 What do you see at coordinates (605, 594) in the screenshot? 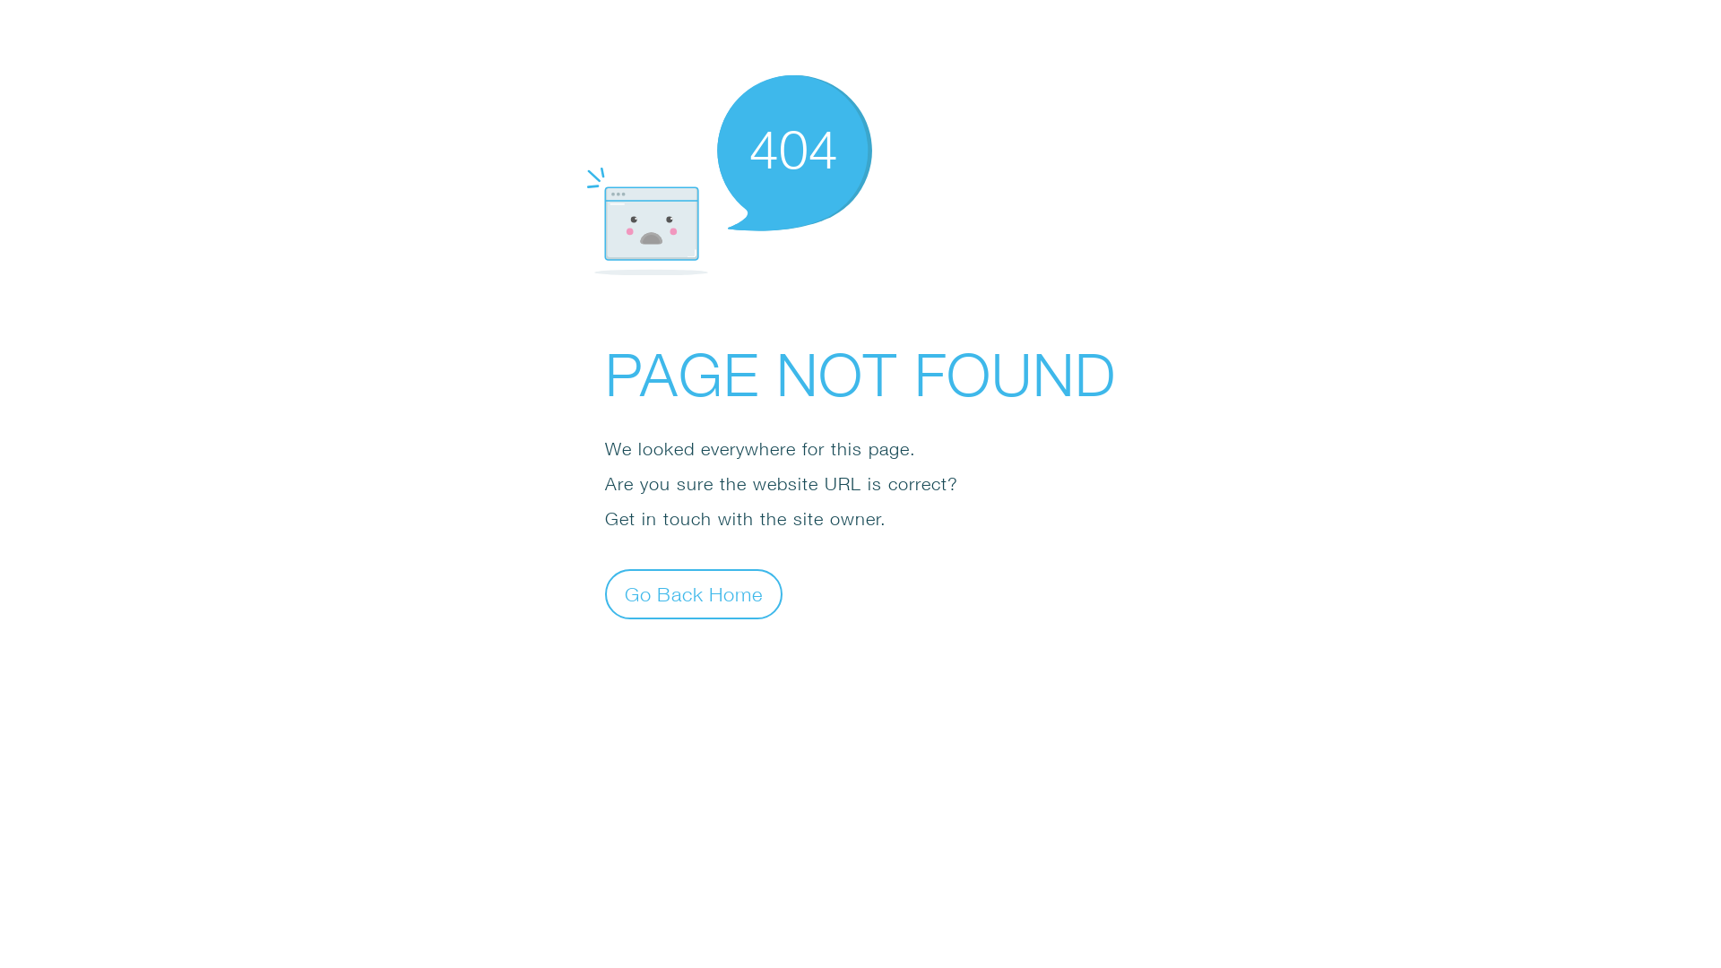
I see `'Go Back Home'` at bounding box center [605, 594].